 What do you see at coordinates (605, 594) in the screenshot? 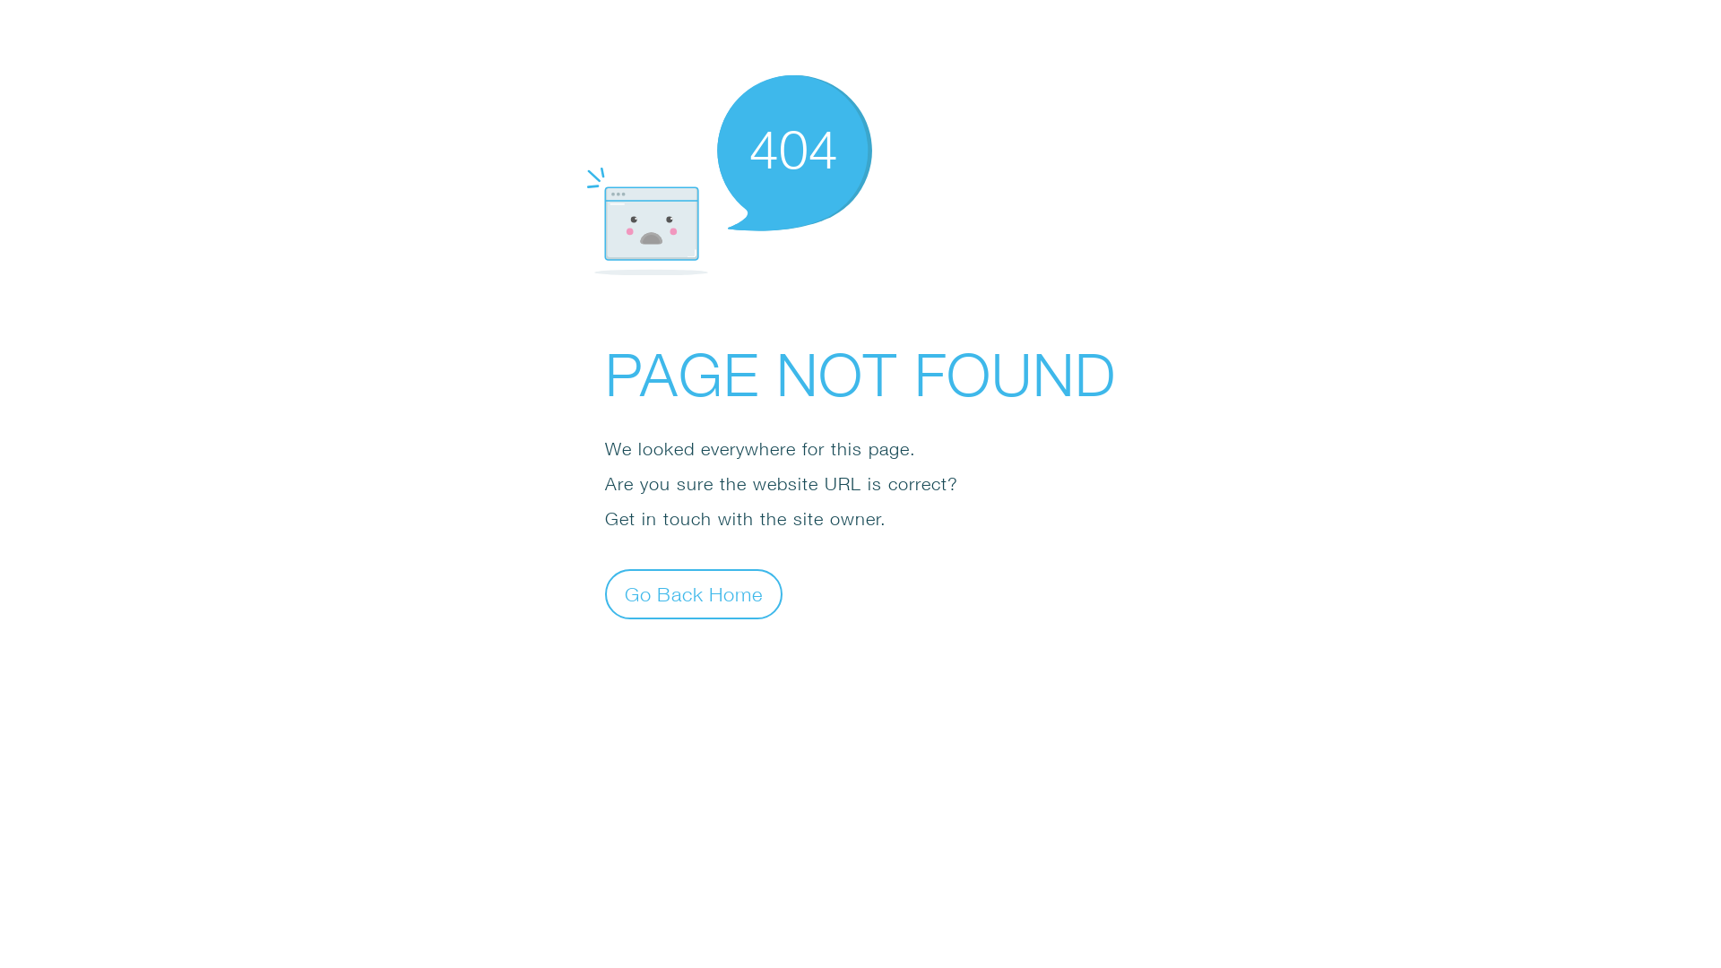
I see `'Go Back Home'` at bounding box center [605, 594].